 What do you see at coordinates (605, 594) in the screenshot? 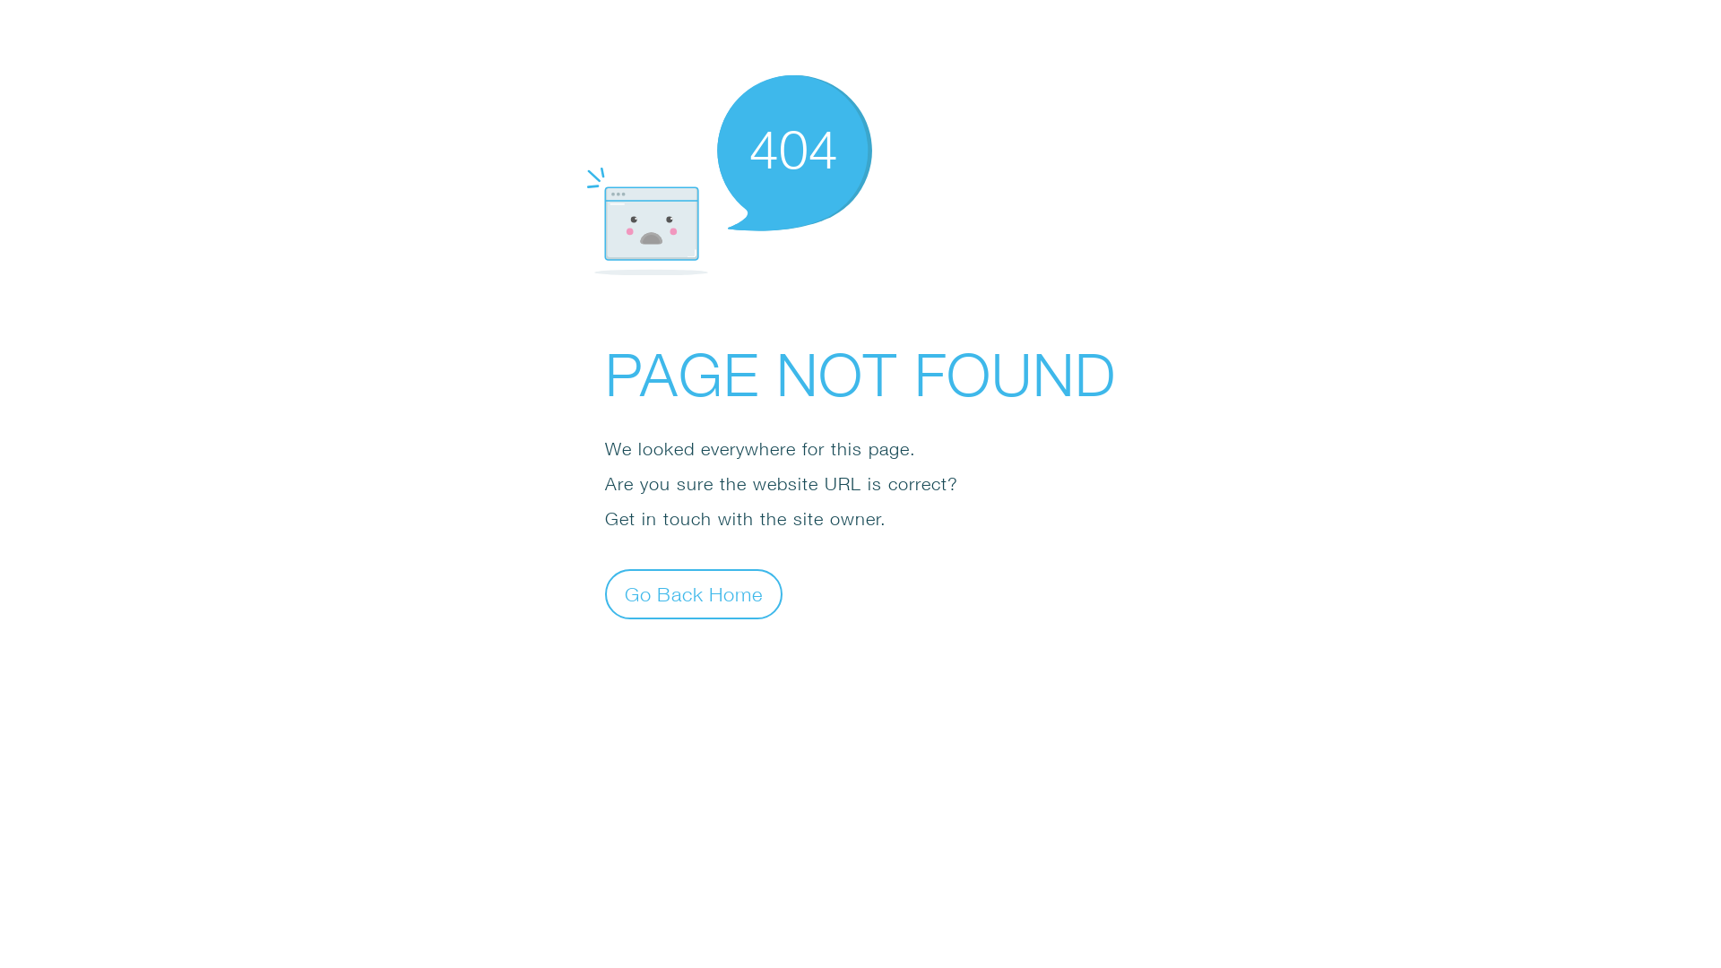
I see `'Go Back Home'` at bounding box center [605, 594].